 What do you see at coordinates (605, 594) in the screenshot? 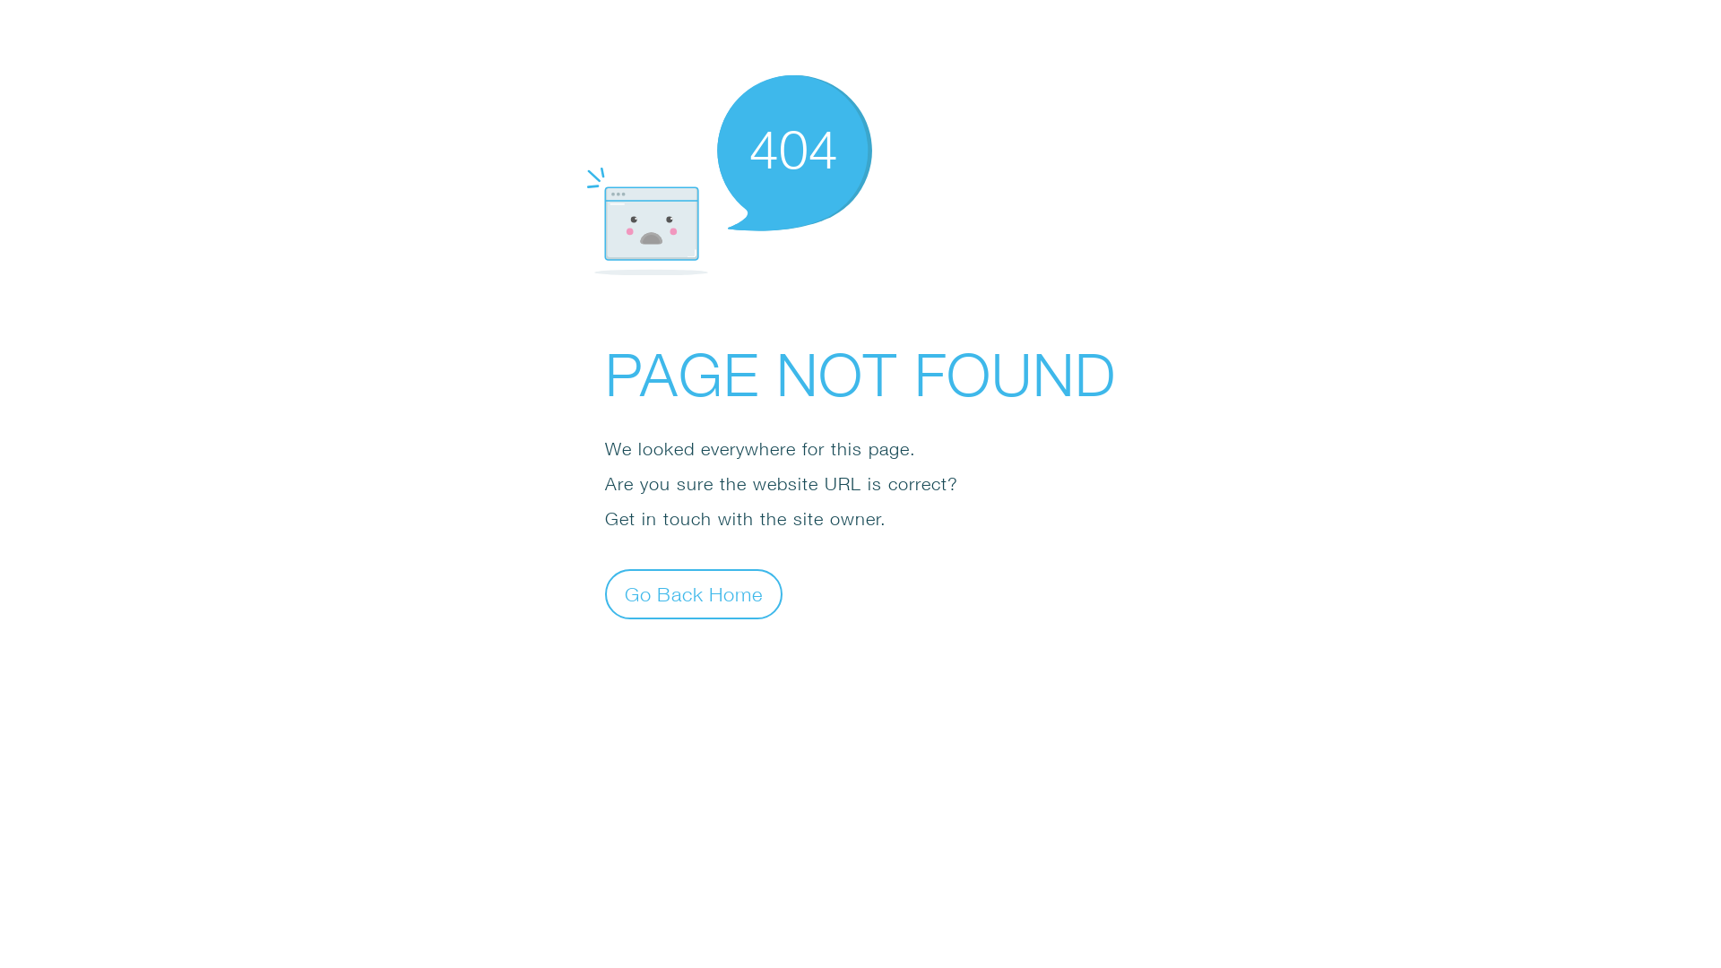
I see `'Go Back Home'` at bounding box center [605, 594].